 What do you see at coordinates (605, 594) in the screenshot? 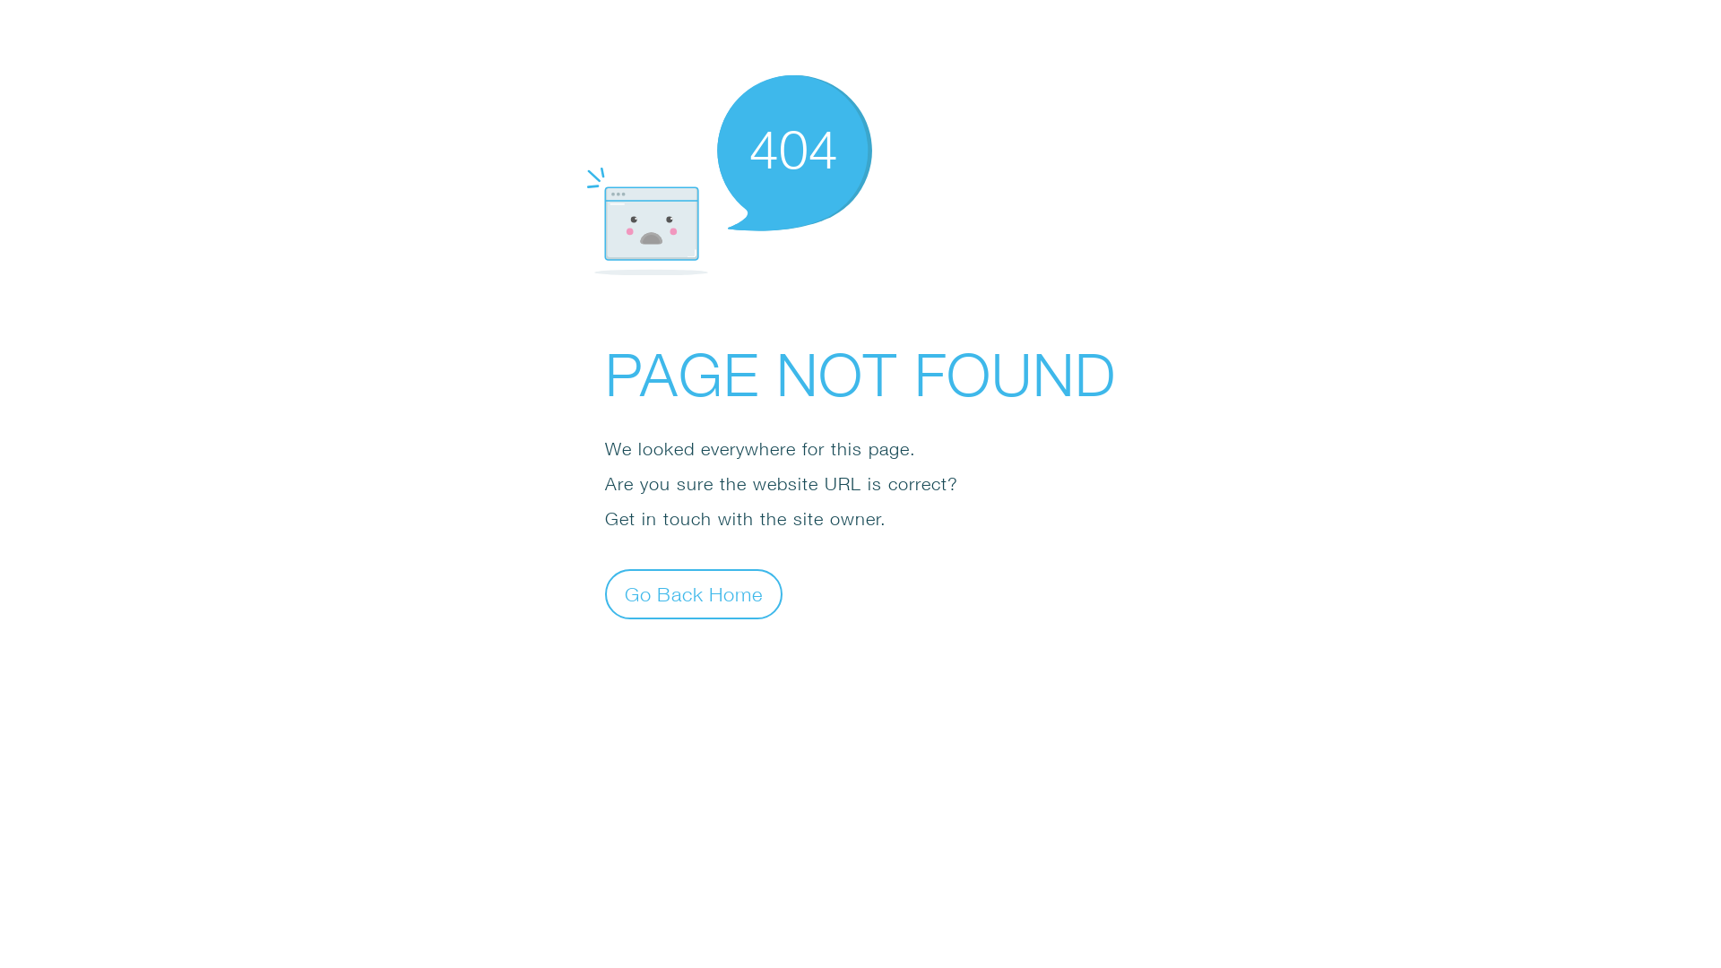
I see `'Go Back Home'` at bounding box center [605, 594].